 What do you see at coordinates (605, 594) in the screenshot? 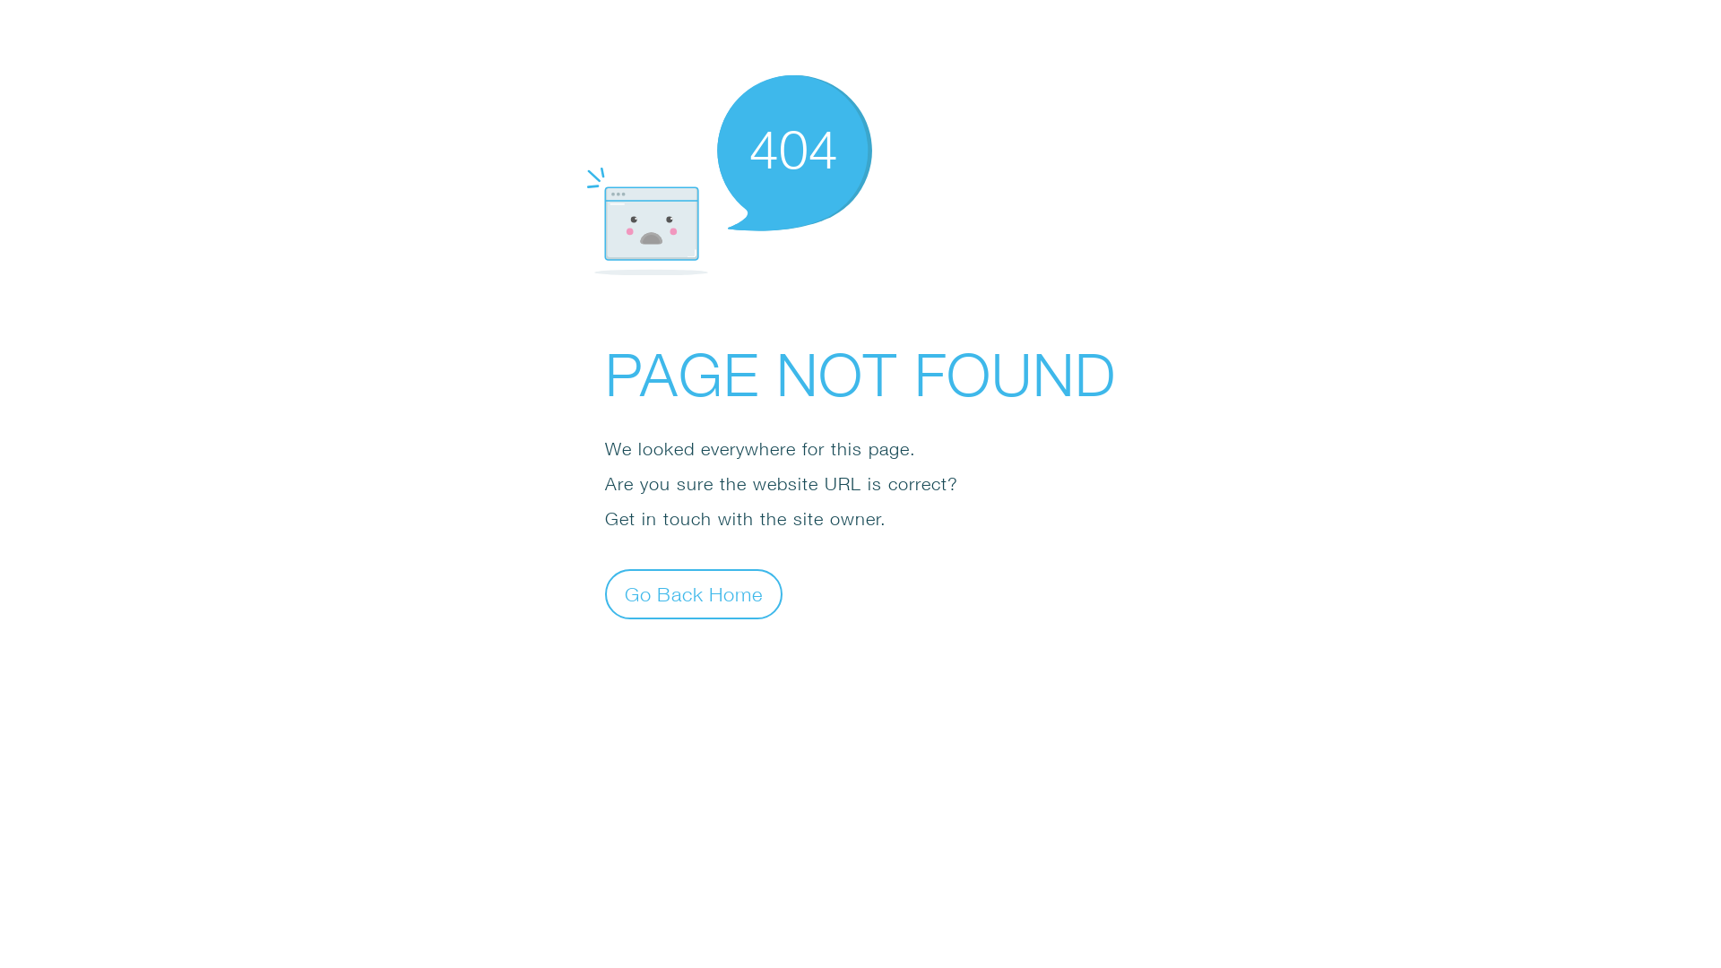
I see `'Go Back Home'` at bounding box center [605, 594].